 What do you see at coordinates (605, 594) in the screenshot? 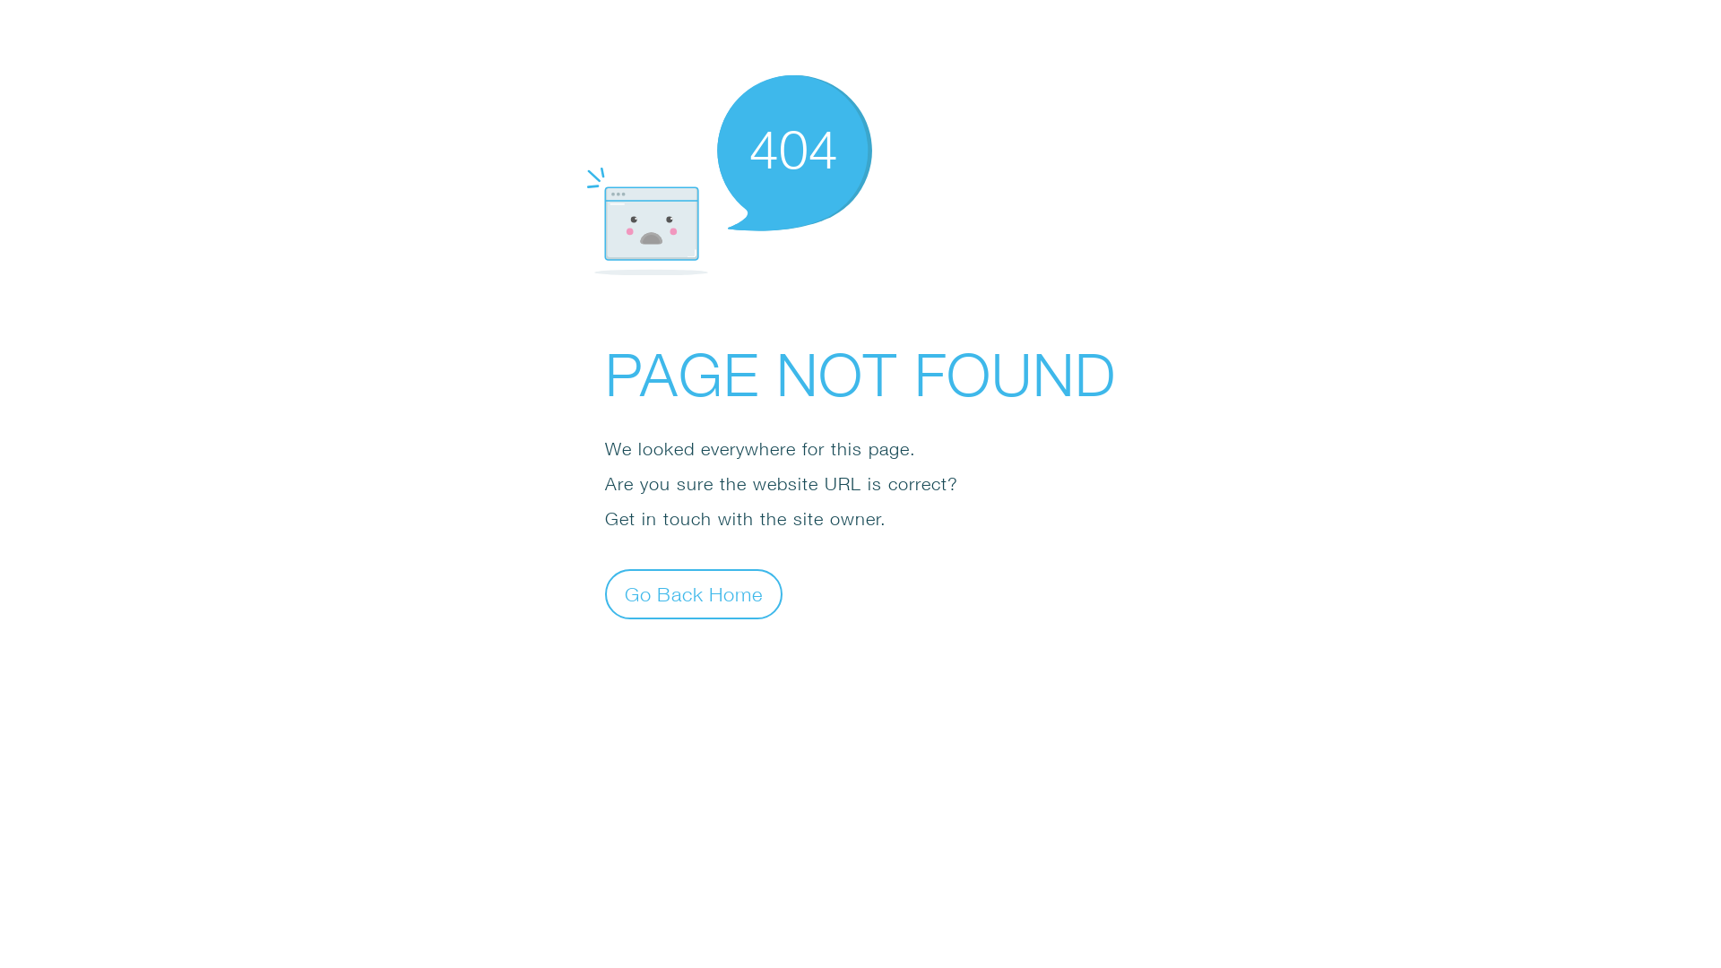
I see `'Go Back Home'` at bounding box center [605, 594].